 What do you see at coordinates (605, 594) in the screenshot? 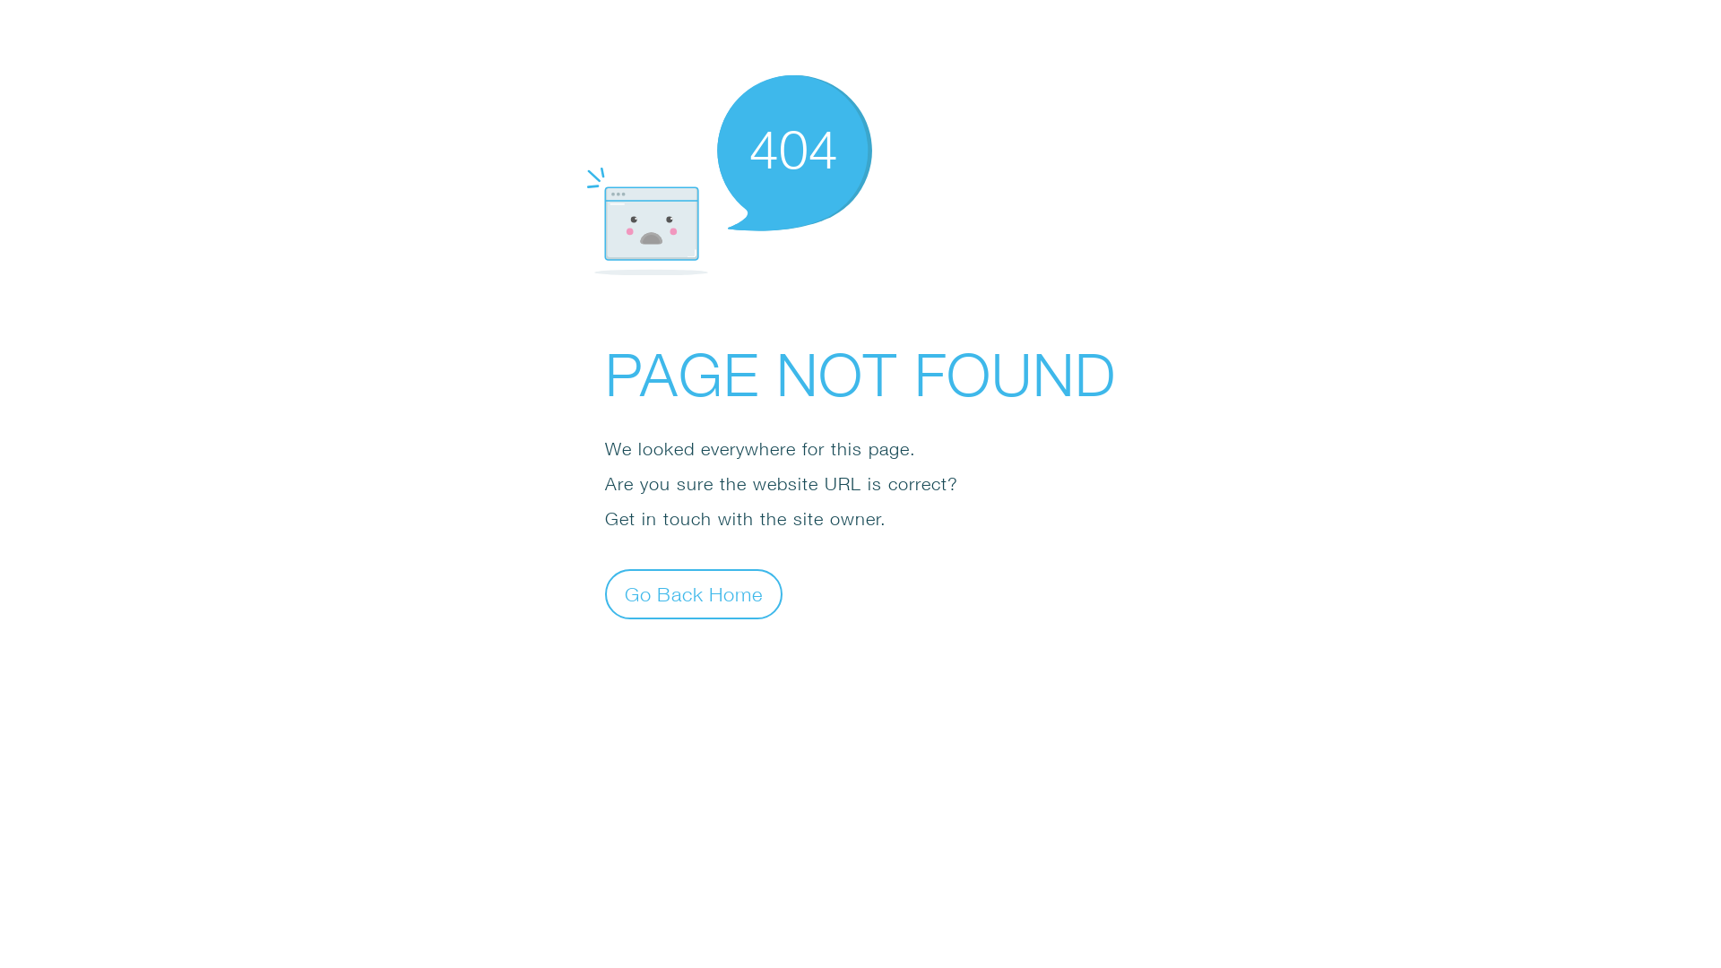
I see `'Go Back Home'` at bounding box center [605, 594].